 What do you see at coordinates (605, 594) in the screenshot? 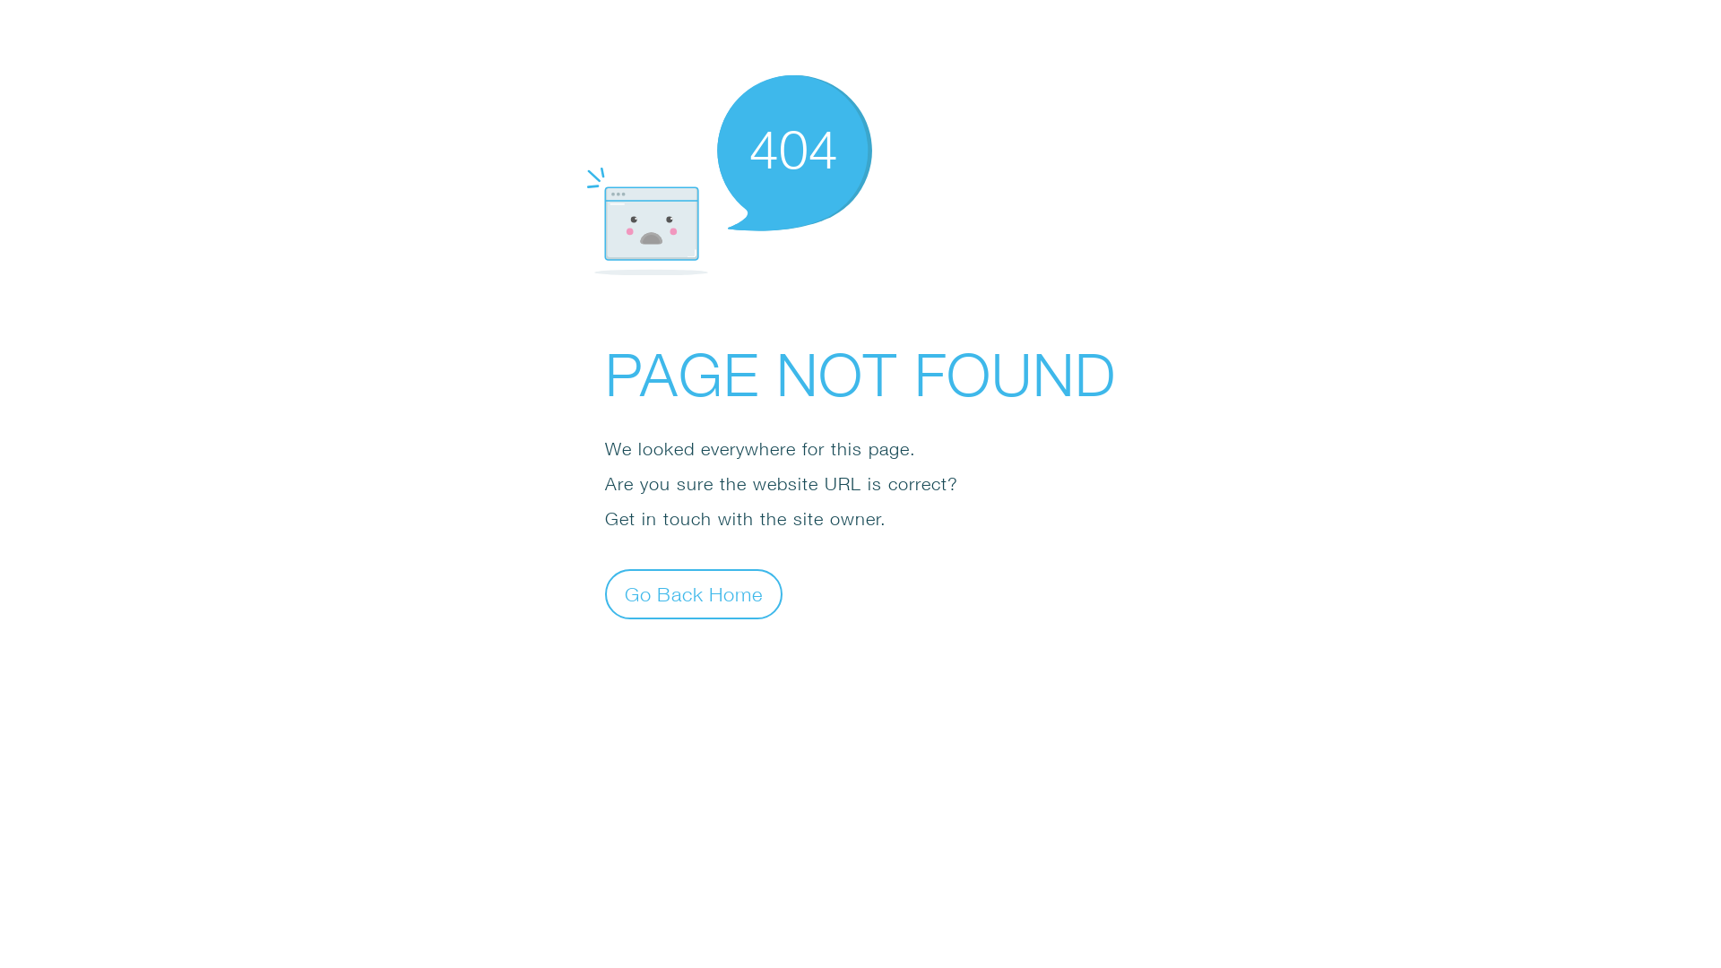
I see `'Go Back Home'` at bounding box center [605, 594].